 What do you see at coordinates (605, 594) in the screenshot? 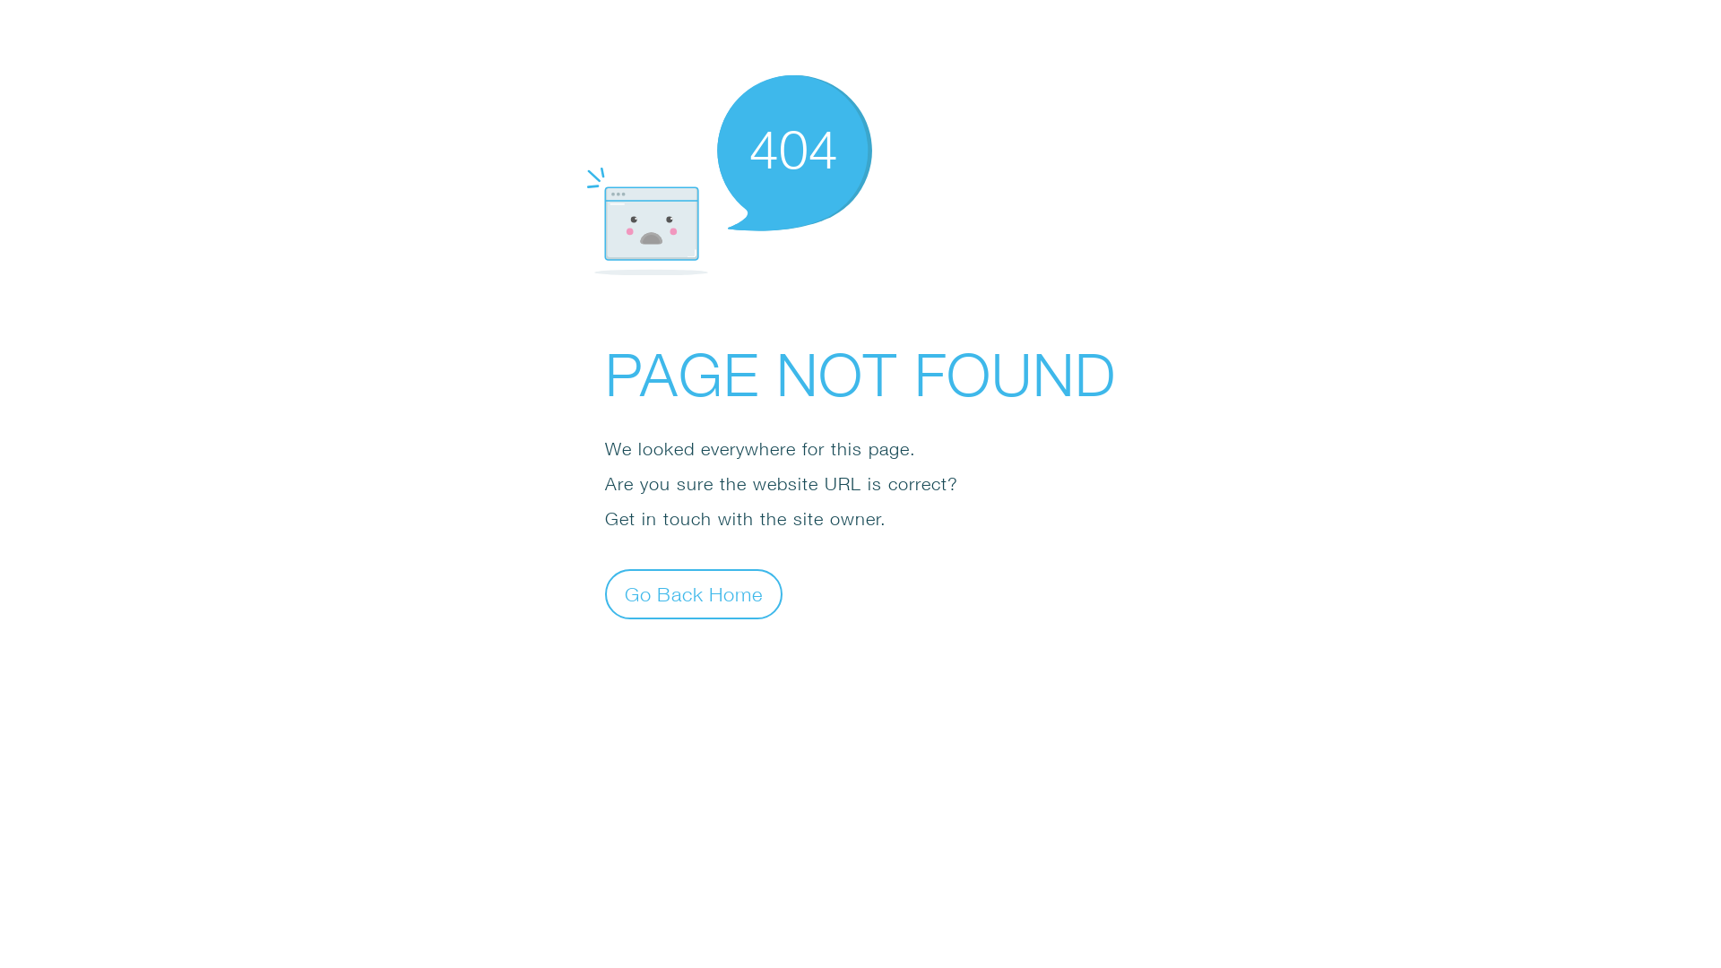
I see `'Go Back Home'` at bounding box center [605, 594].